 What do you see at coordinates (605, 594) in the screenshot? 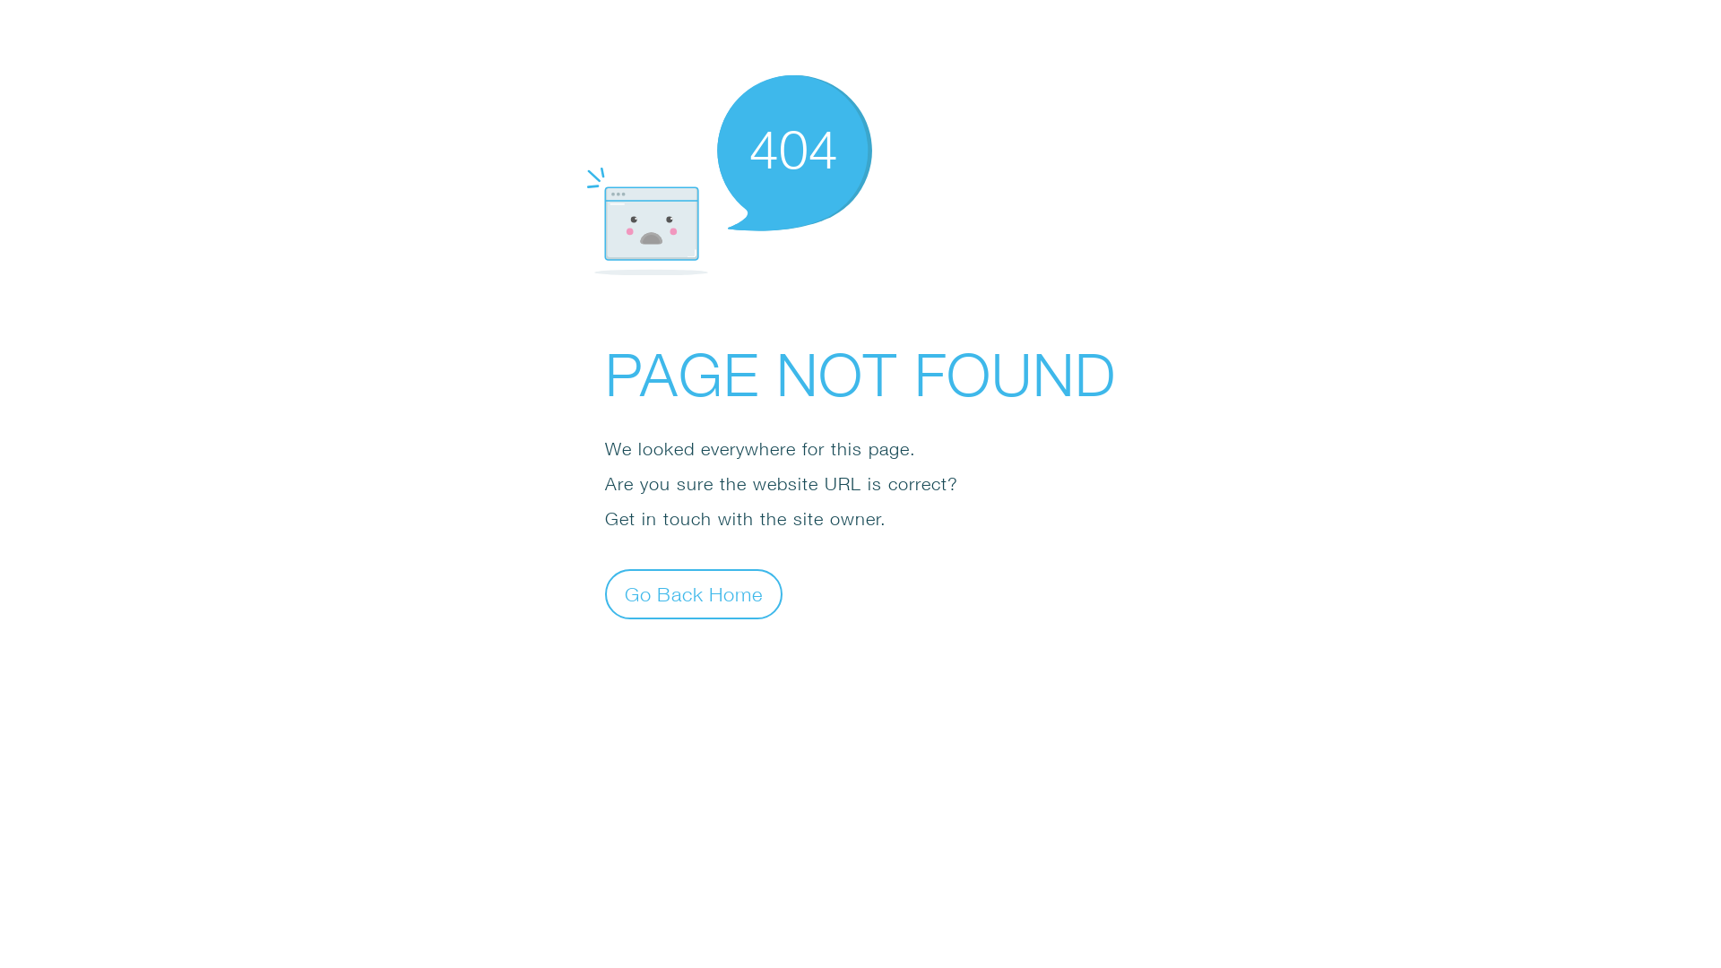
I see `'Go Back Home'` at bounding box center [605, 594].